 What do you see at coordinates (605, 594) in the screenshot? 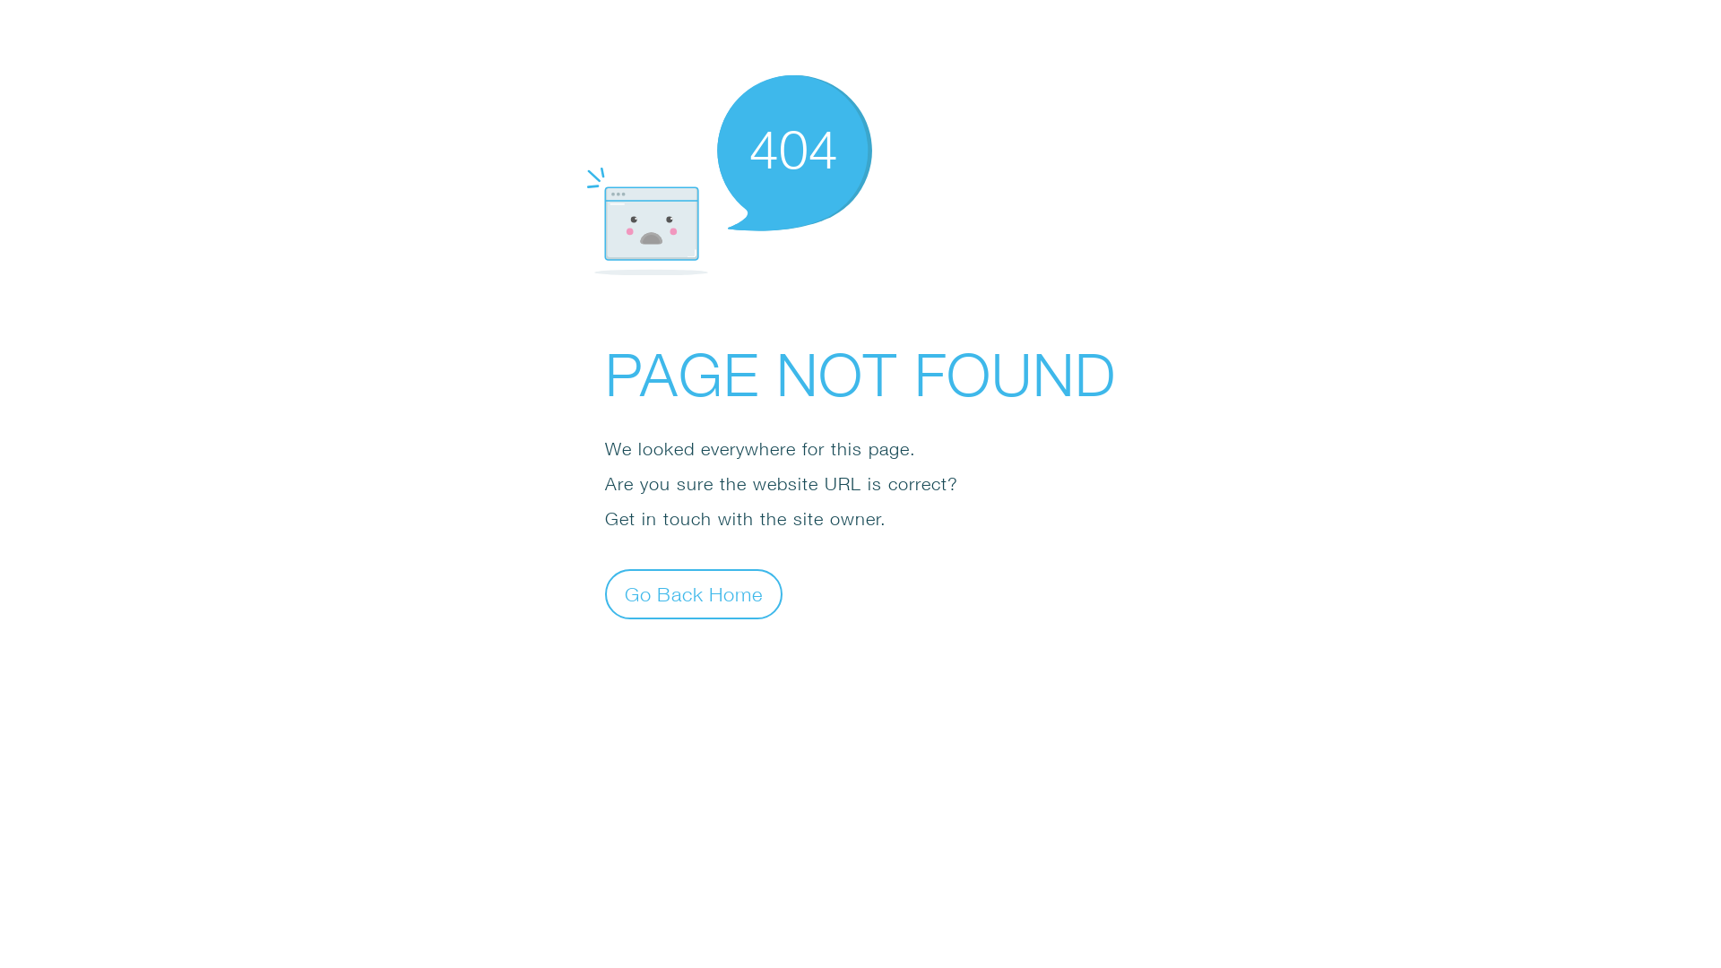
I see `'Go Back Home'` at bounding box center [605, 594].